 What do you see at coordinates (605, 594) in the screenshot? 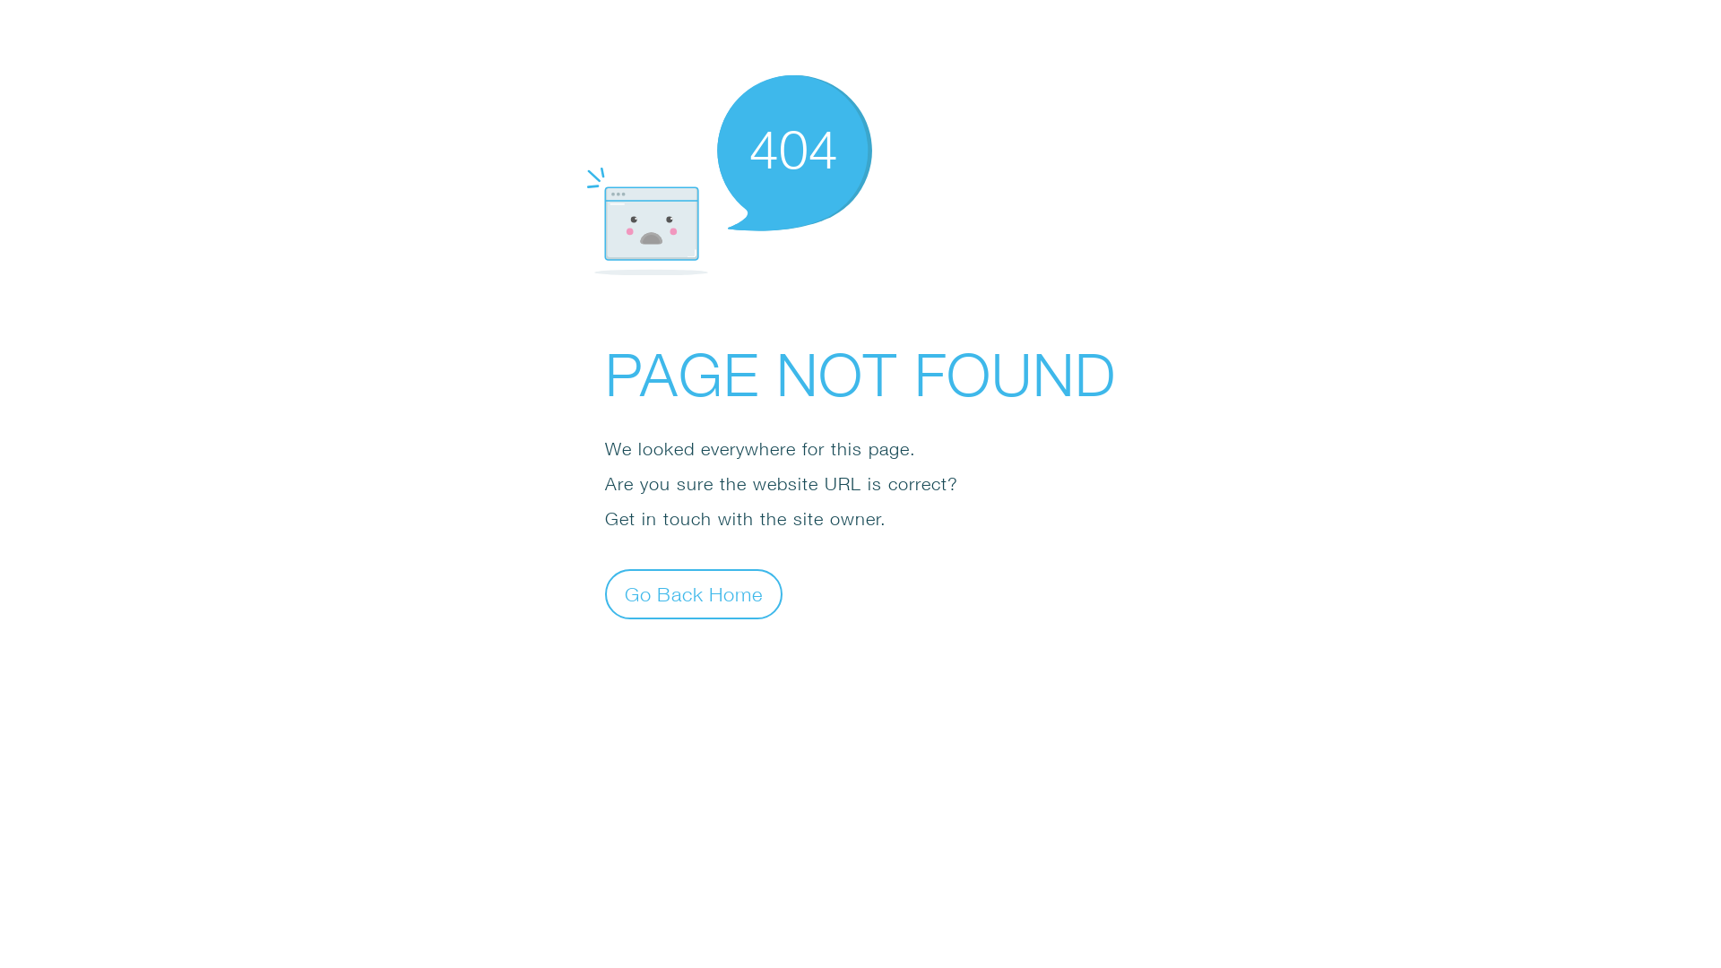
I see `'Go Back Home'` at bounding box center [605, 594].